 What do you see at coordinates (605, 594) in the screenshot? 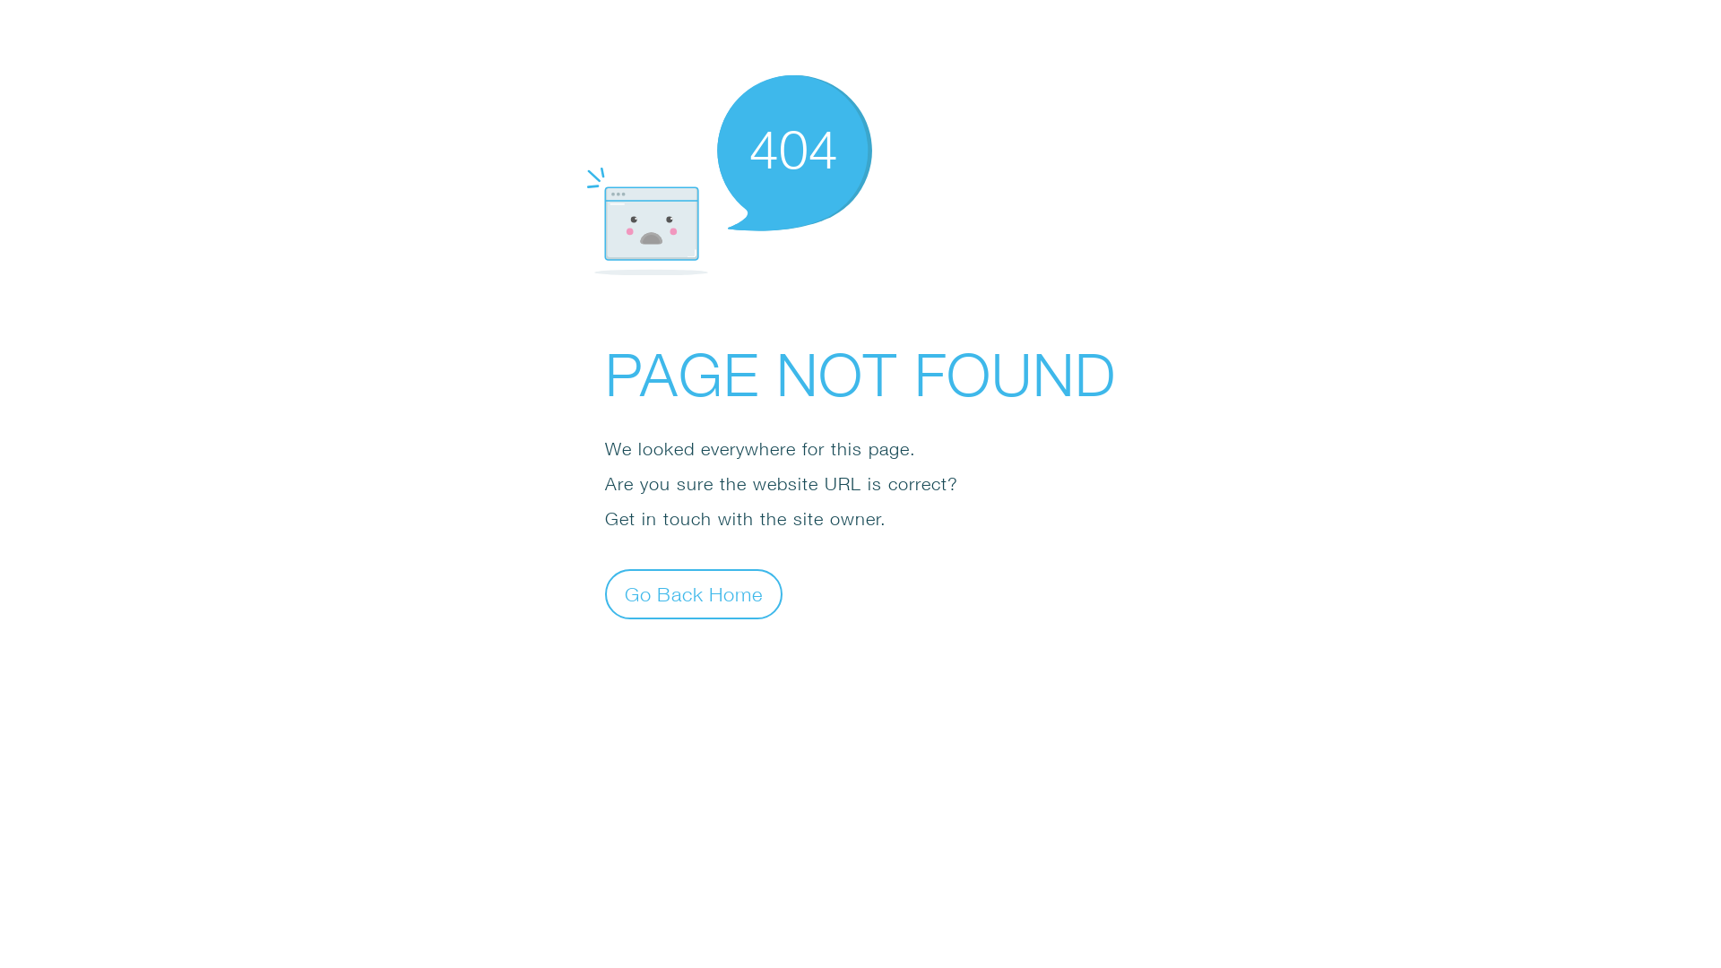
I see `'Go Back Home'` at bounding box center [605, 594].